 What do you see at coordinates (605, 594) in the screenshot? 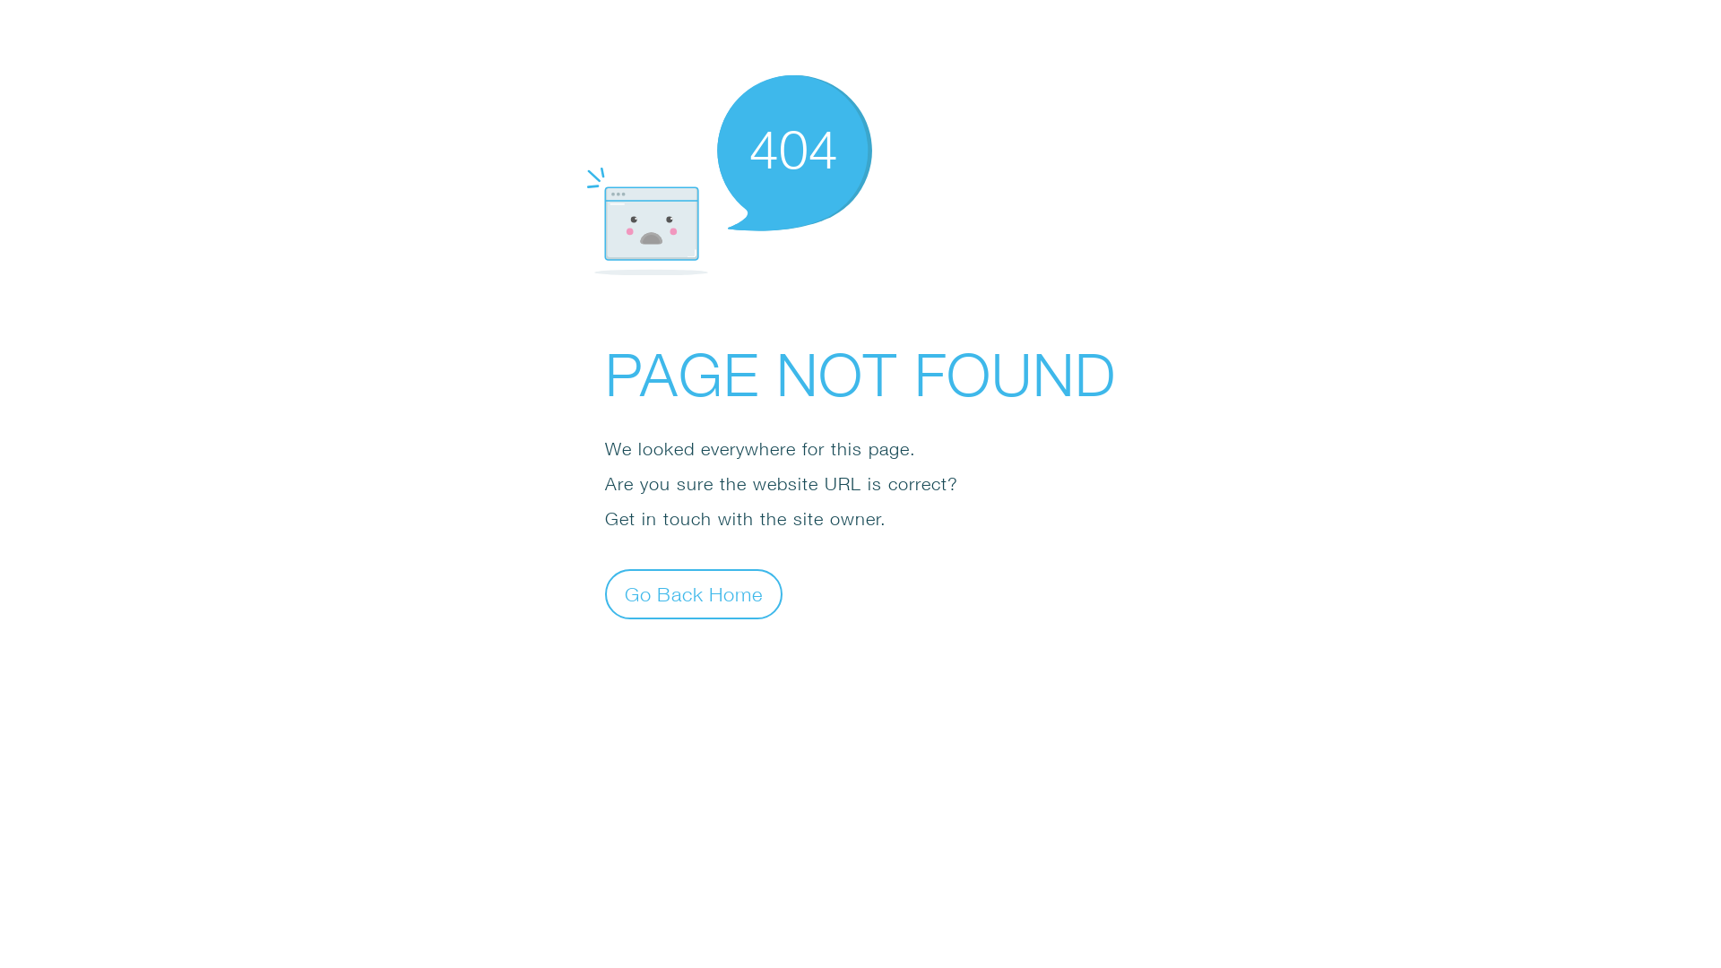
I see `'Go Back Home'` at bounding box center [605, 594].